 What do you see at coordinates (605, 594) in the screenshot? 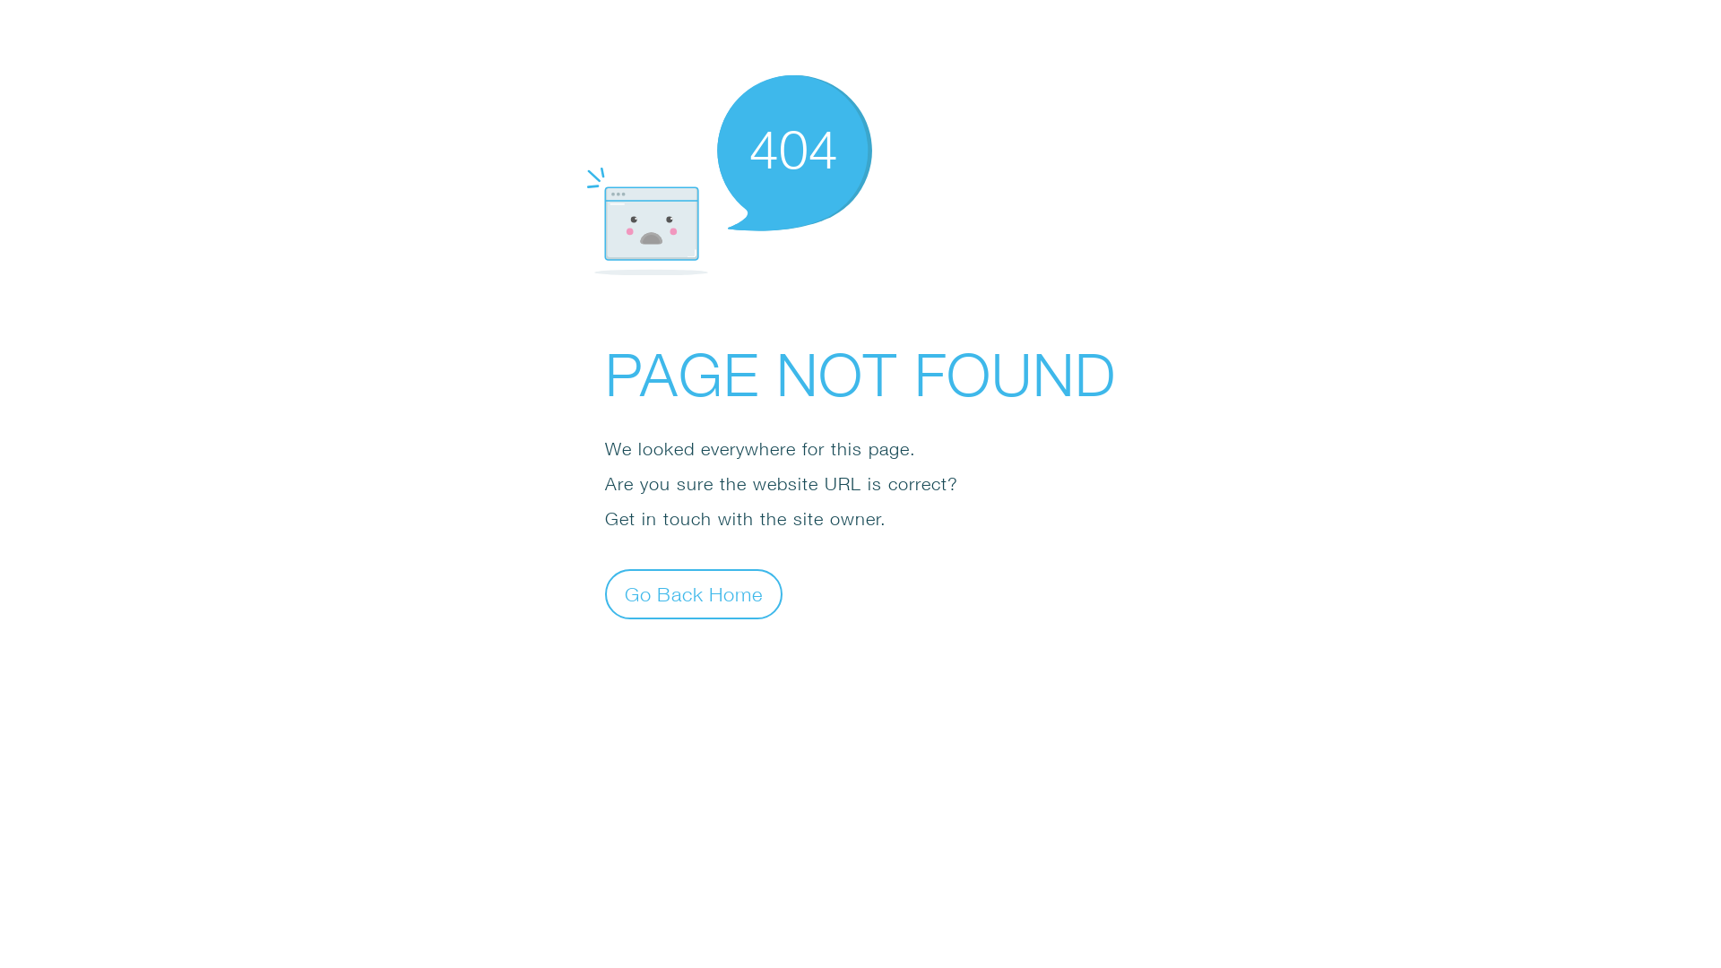
I see `'Go Back Home'` at bounding box center [605, 594].